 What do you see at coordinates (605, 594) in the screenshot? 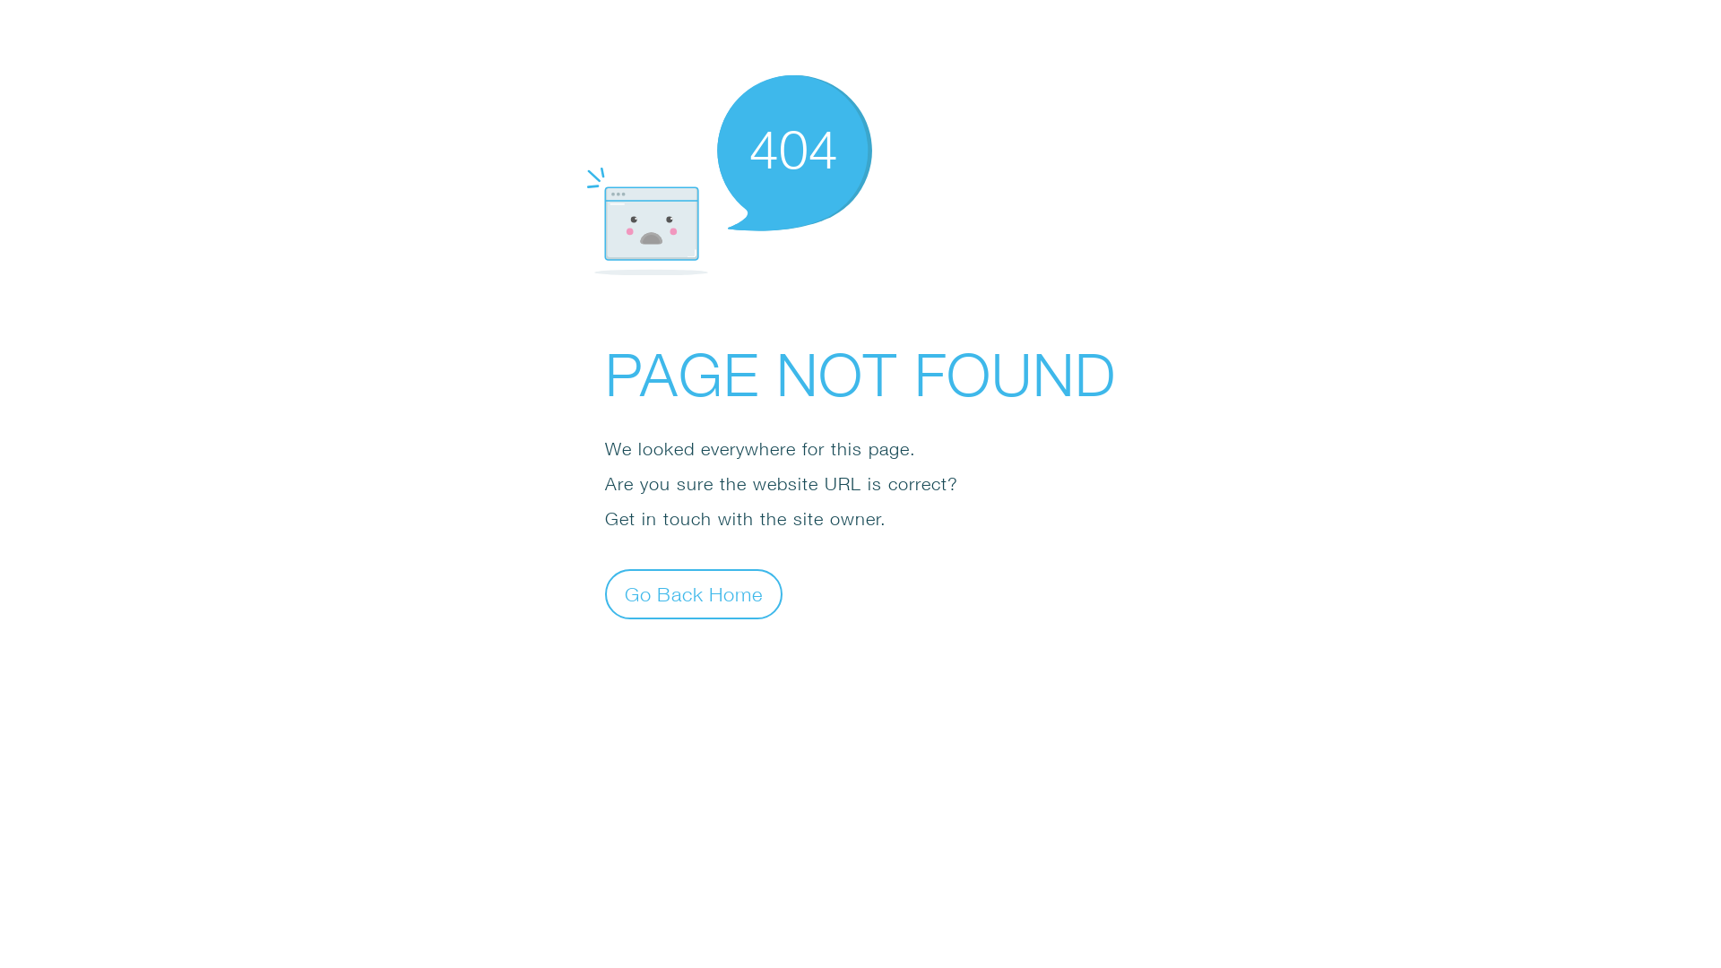
I see `'Go Back Home'` at bounding box center [605, 594].